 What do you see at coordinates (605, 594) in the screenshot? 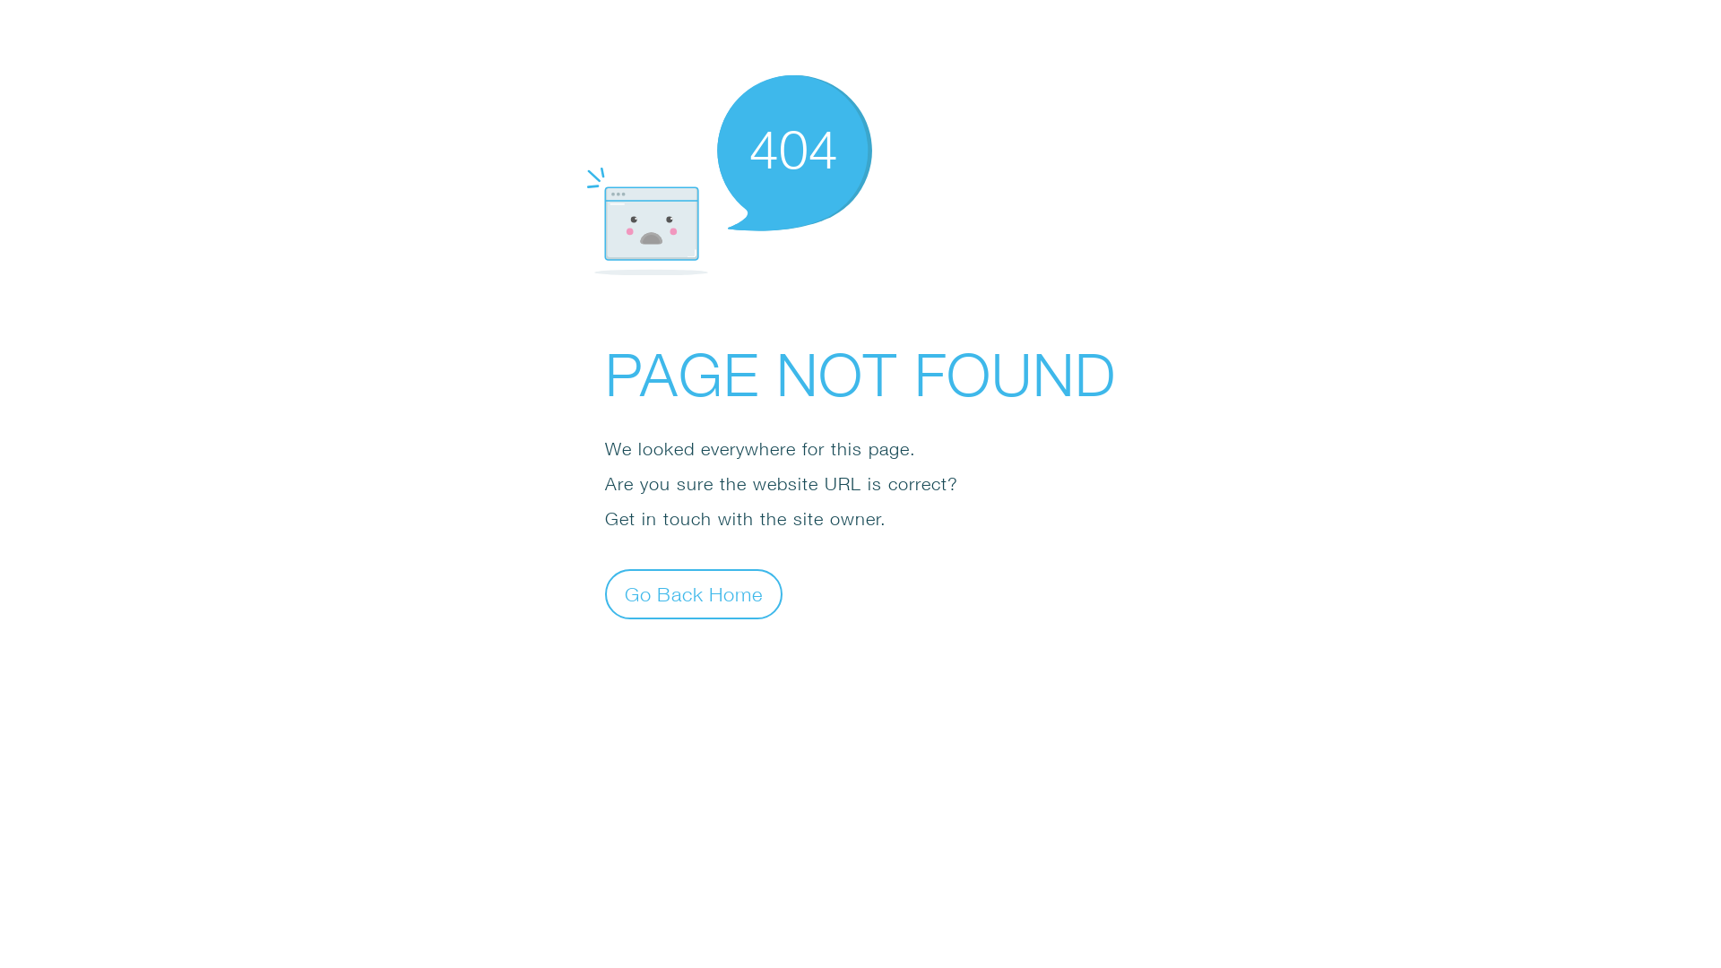
I see `'Go Back Home'` at bounding box center [605, 594].